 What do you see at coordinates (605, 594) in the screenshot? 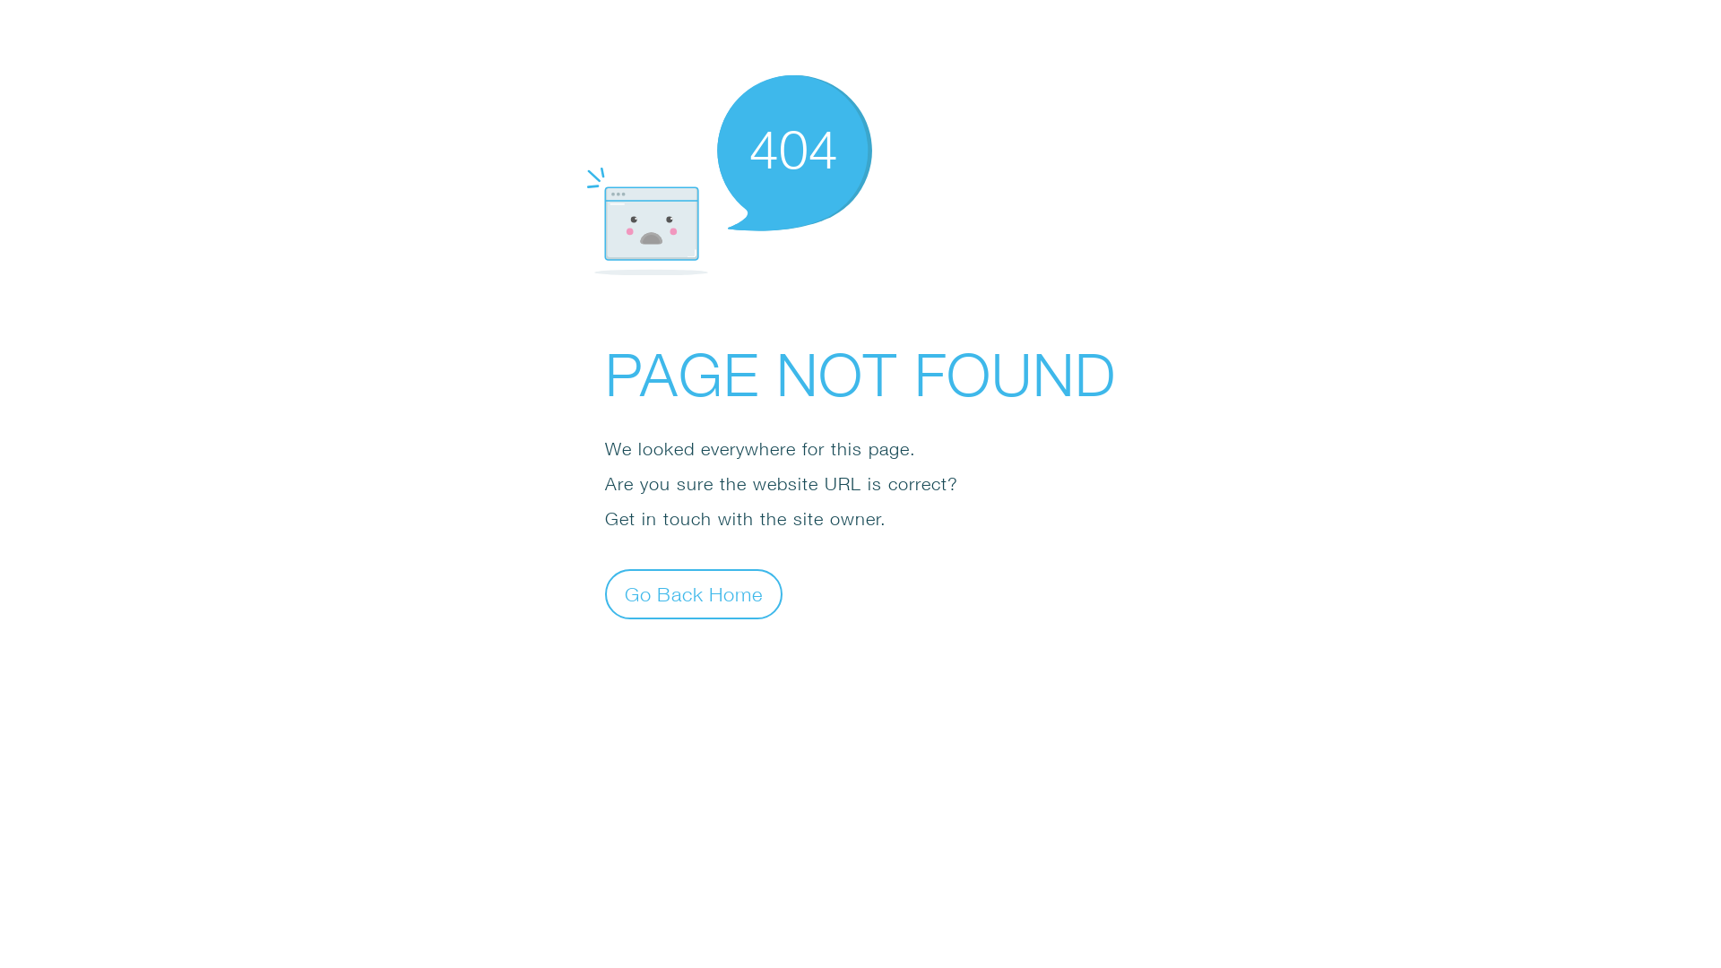
I see `'Go Back Home'` at bounding box center [605, 594].